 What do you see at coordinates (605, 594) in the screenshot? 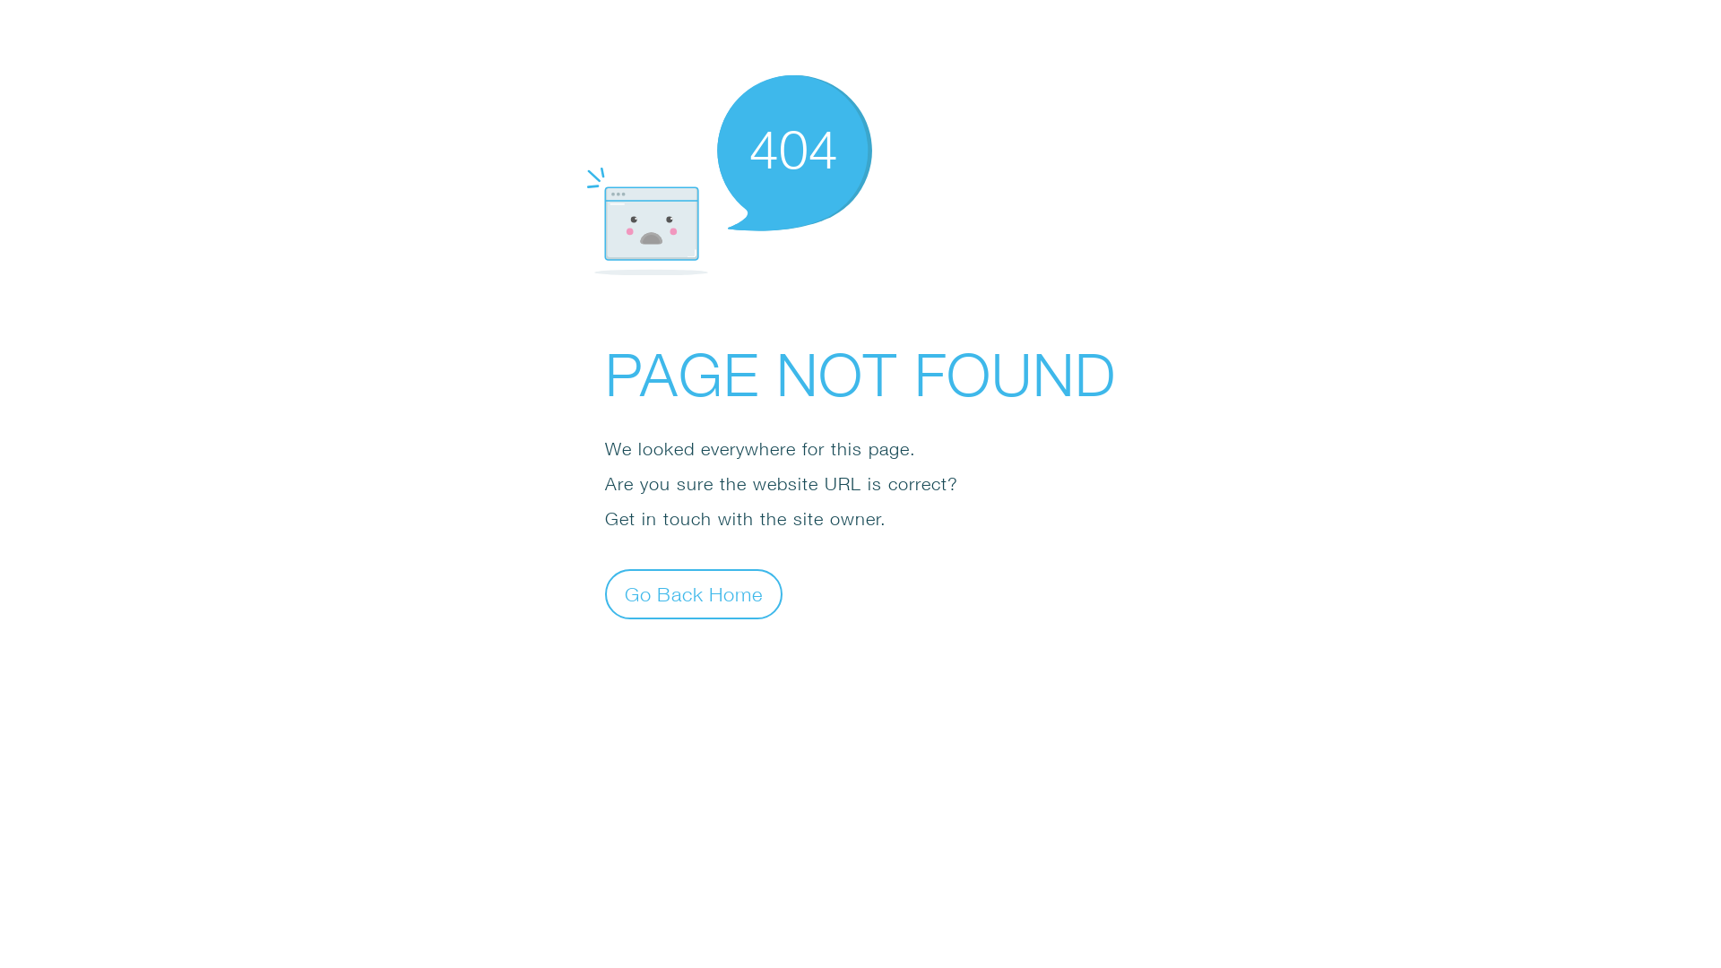
I see `'Go Back Home'` at bounding box center [605, 594].